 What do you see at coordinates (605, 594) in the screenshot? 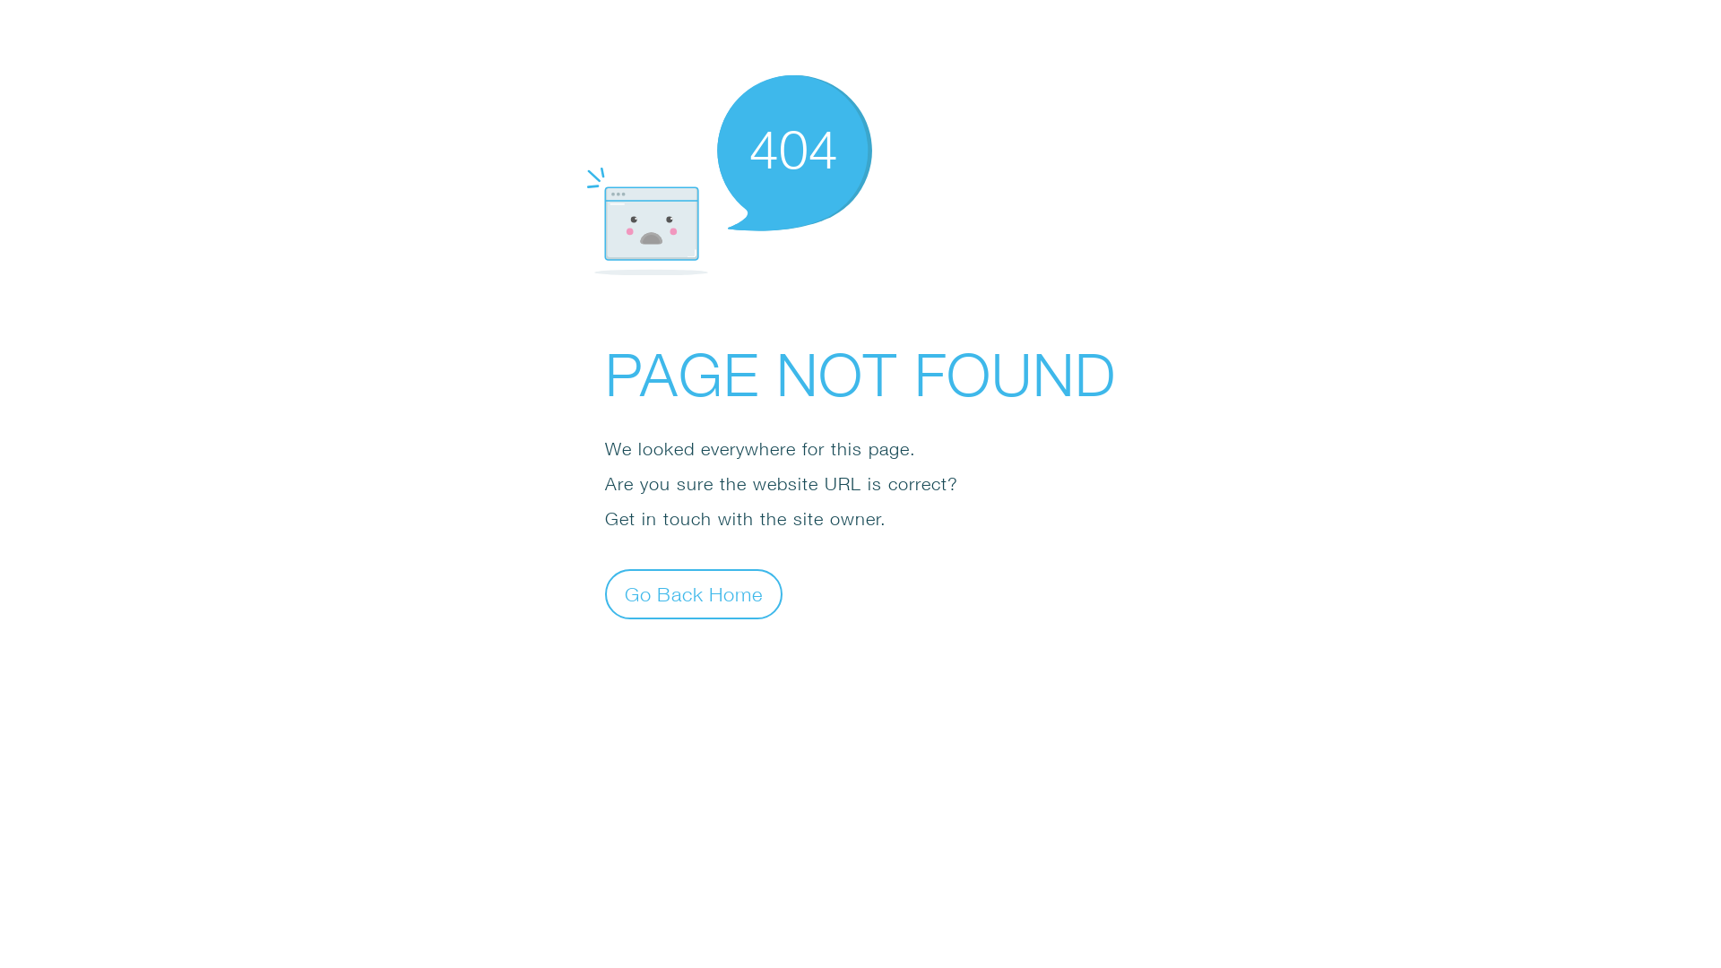
I see `'Go Back Home'` at bounding box center [605, 594].